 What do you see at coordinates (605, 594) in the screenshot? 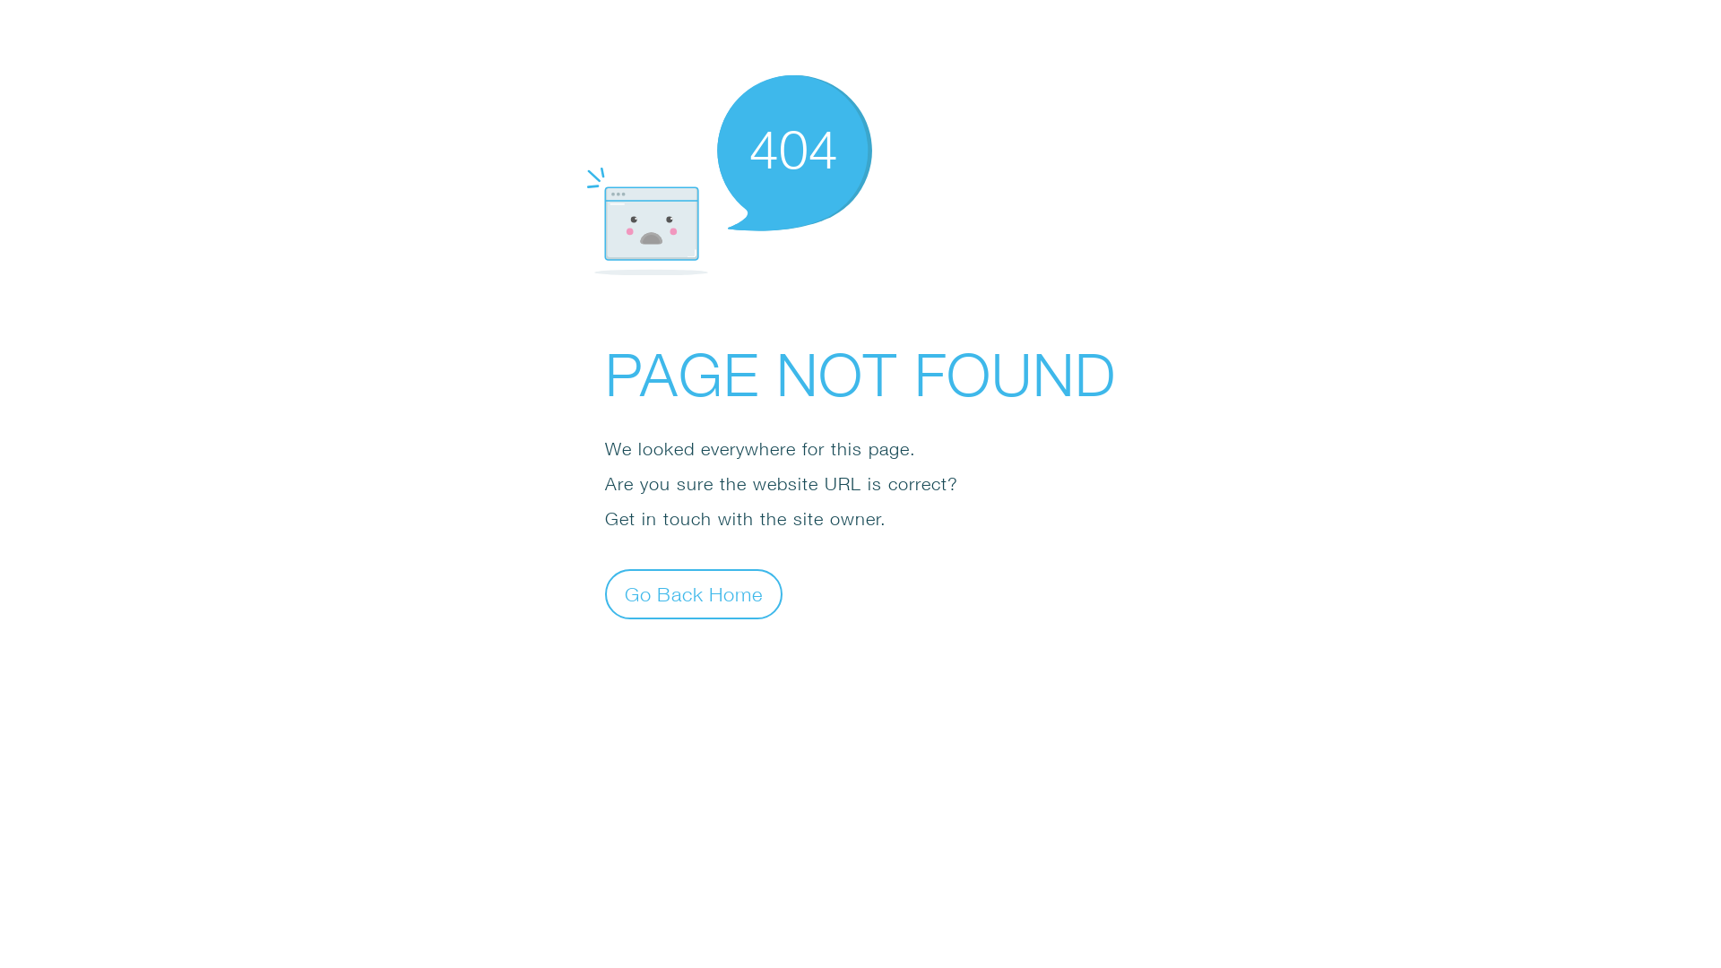
I see `'Go Back Home'` at bounding box center [605, 594].